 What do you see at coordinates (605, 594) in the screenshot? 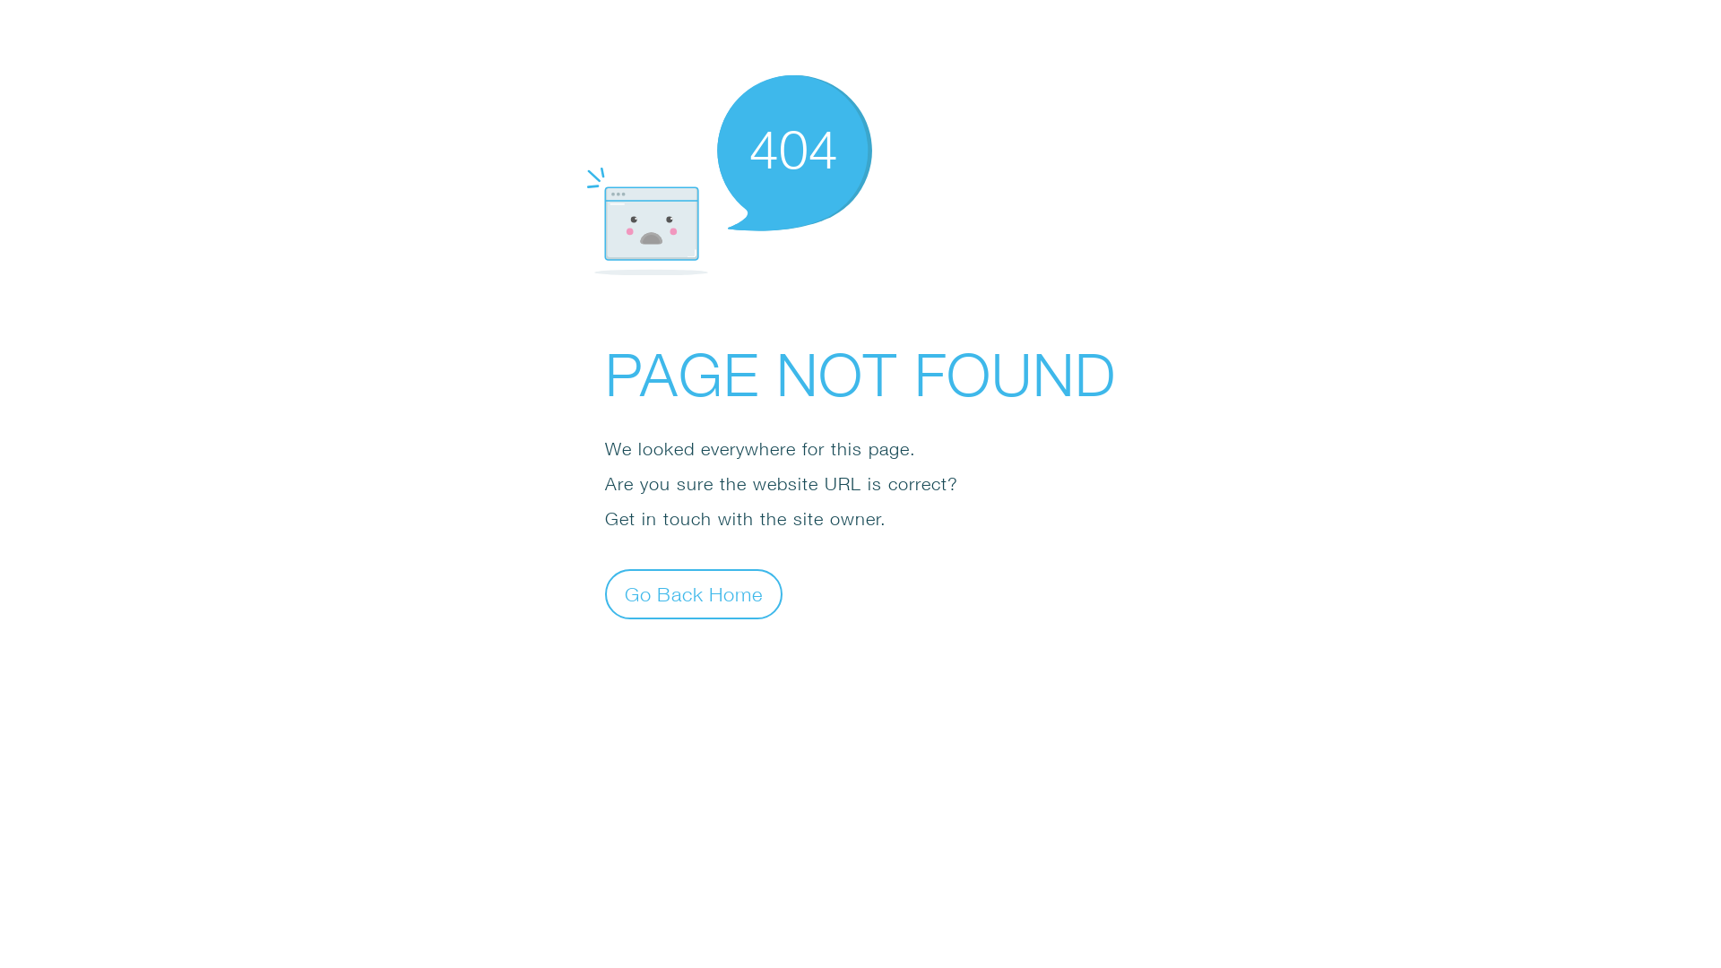
I see `'Go Back Home'` at bounding box center [605, 594].